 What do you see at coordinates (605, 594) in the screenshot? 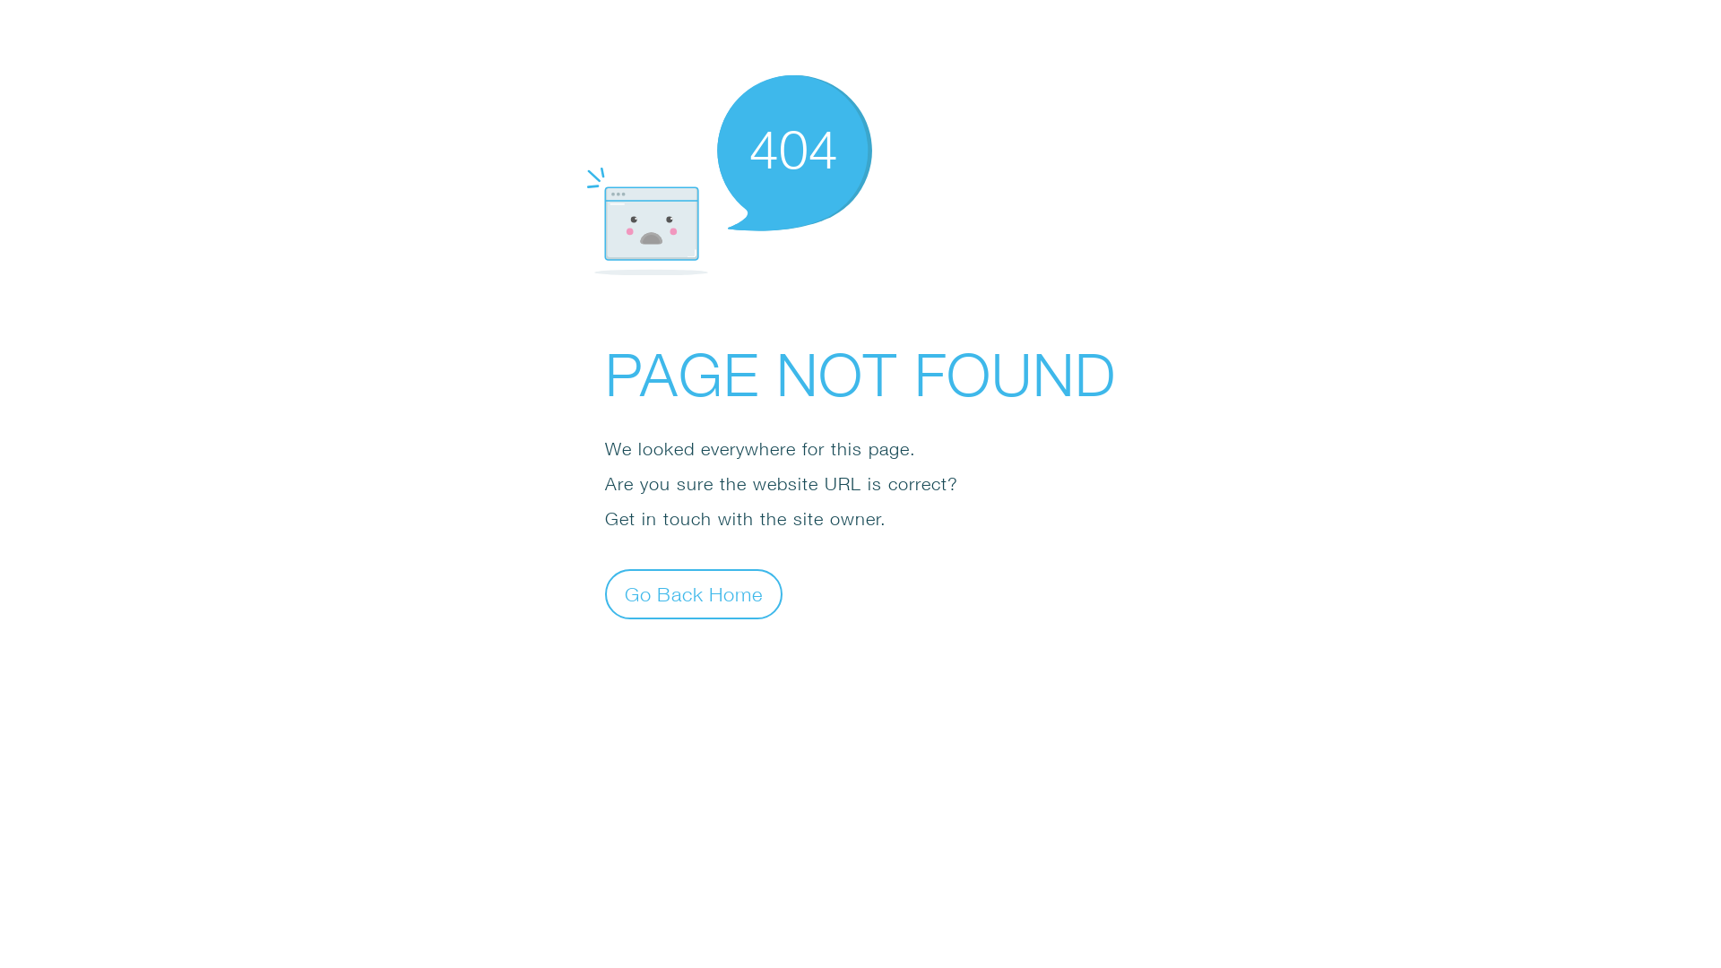
I see `'Go Back Home'` at bounding box center [605, 594].